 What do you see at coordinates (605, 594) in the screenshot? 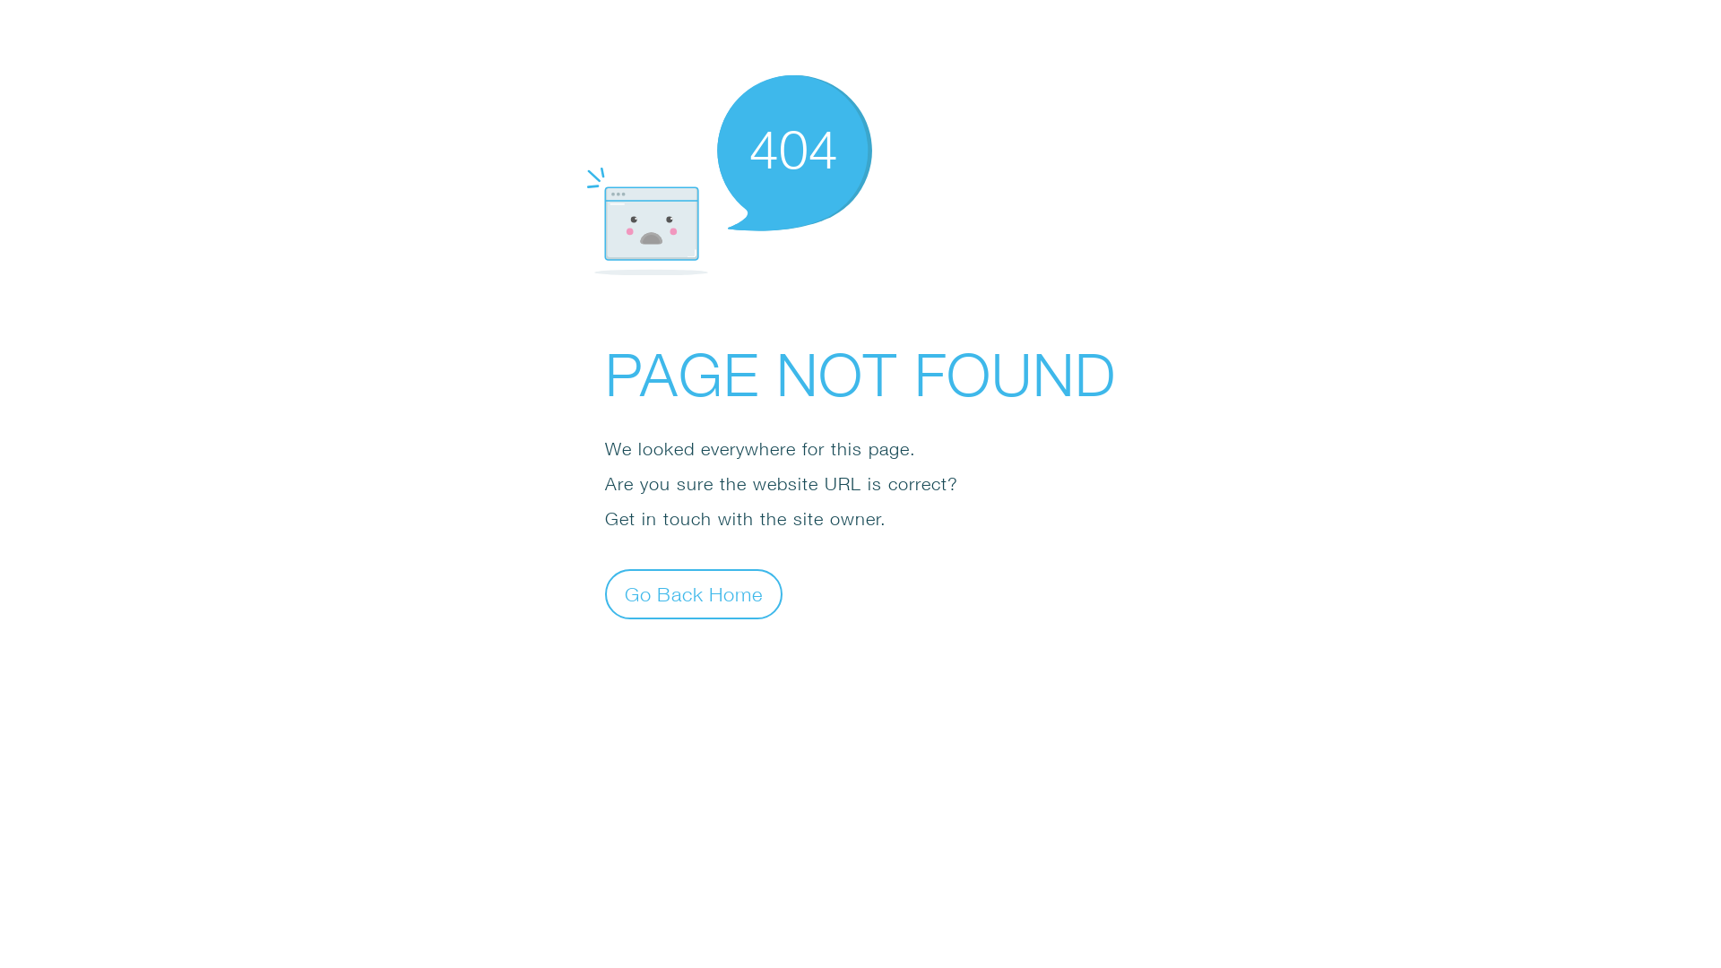
I see `'Go Back Home'` at bounding box center [605, 594].